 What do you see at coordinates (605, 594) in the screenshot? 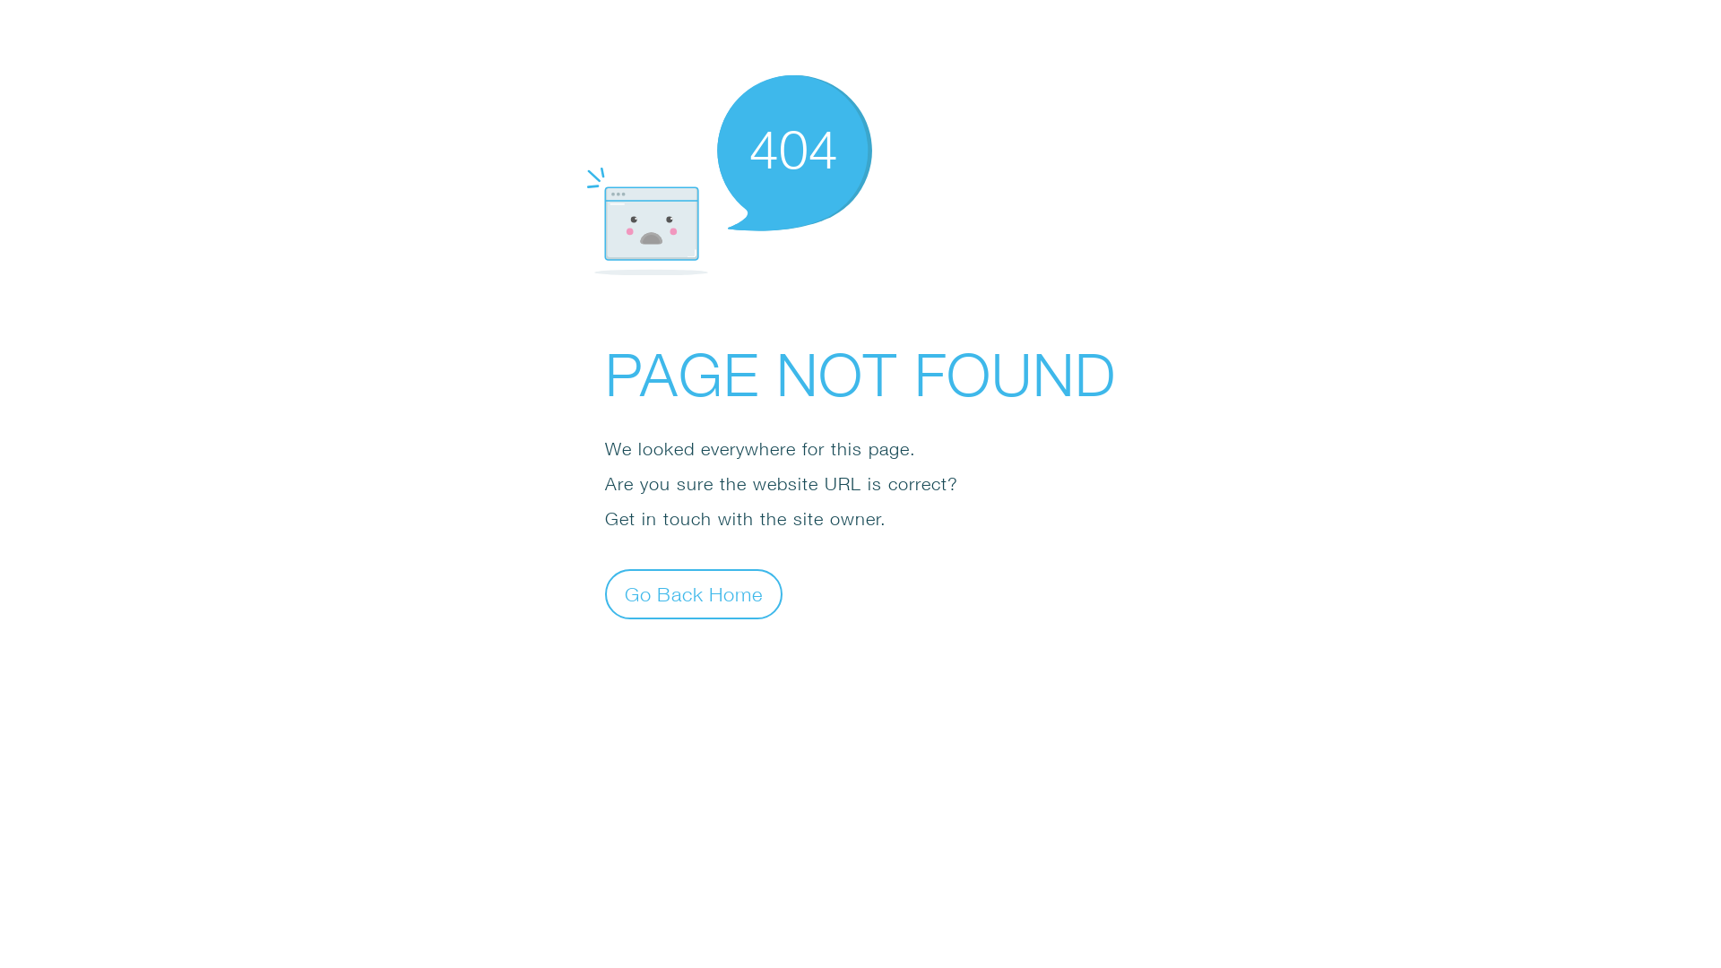
I see `'Go Back Home'` at bounding box center [605, 594].